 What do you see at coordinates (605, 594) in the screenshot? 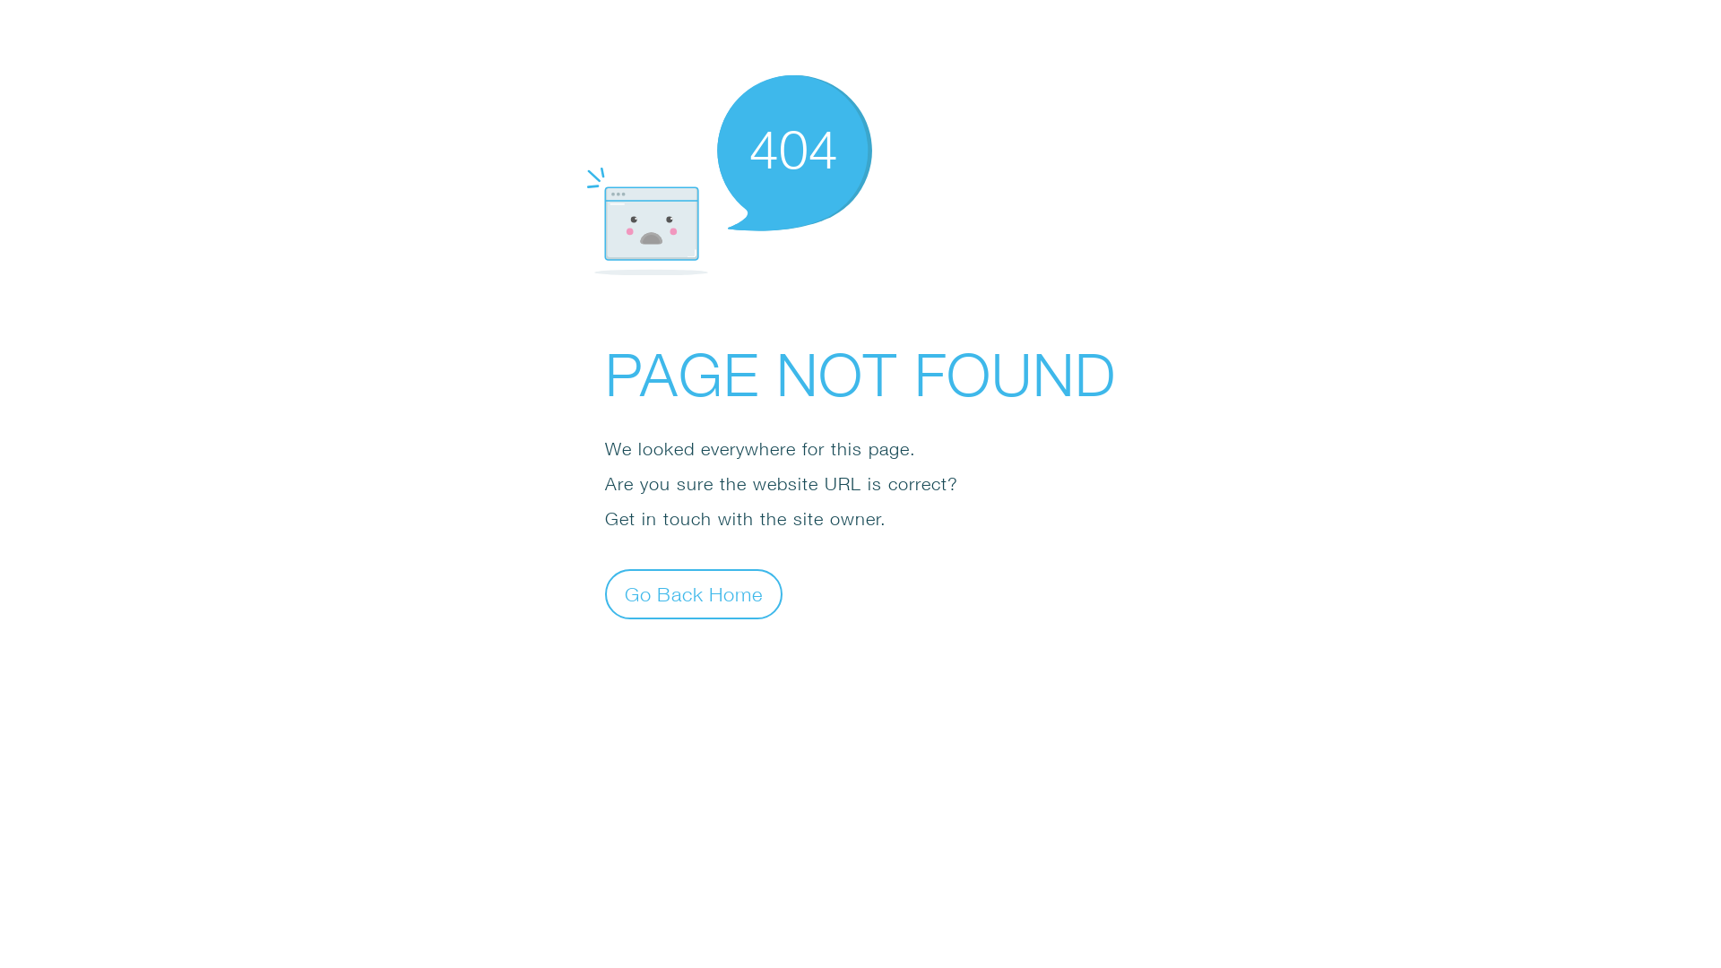
I see `'Go Back Home'` at bounding box center [605, 594].